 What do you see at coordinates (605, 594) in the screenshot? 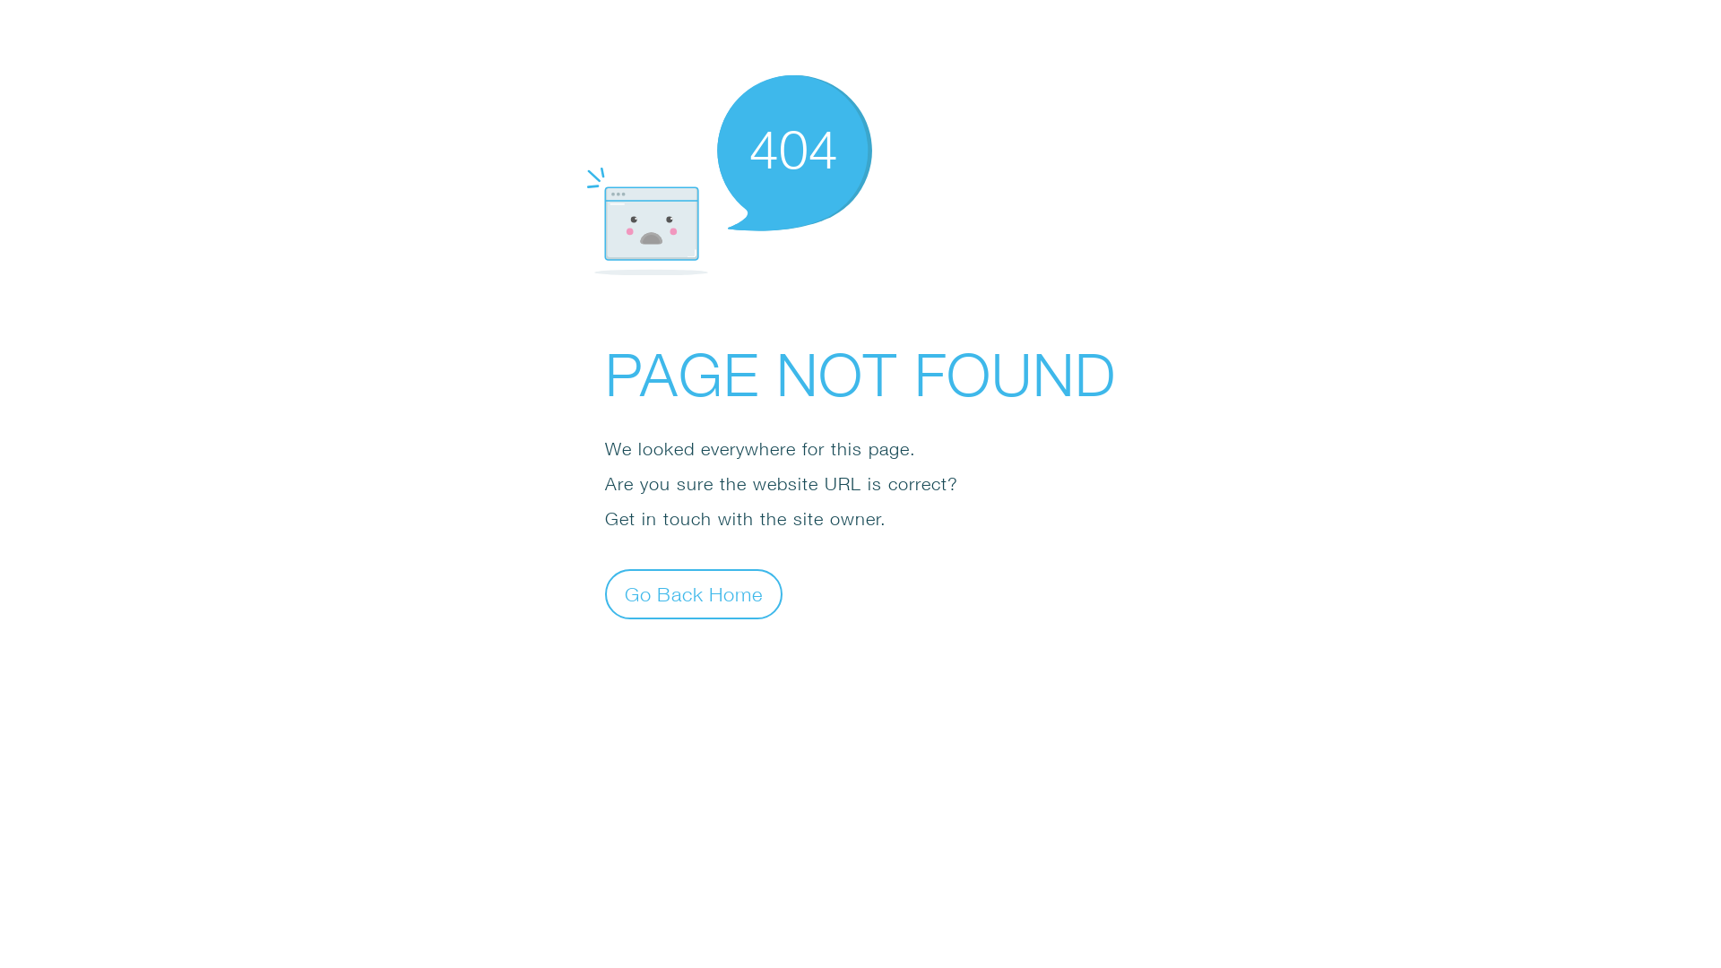
I see `'Go Back Home'` at bounding box center [605, 594].